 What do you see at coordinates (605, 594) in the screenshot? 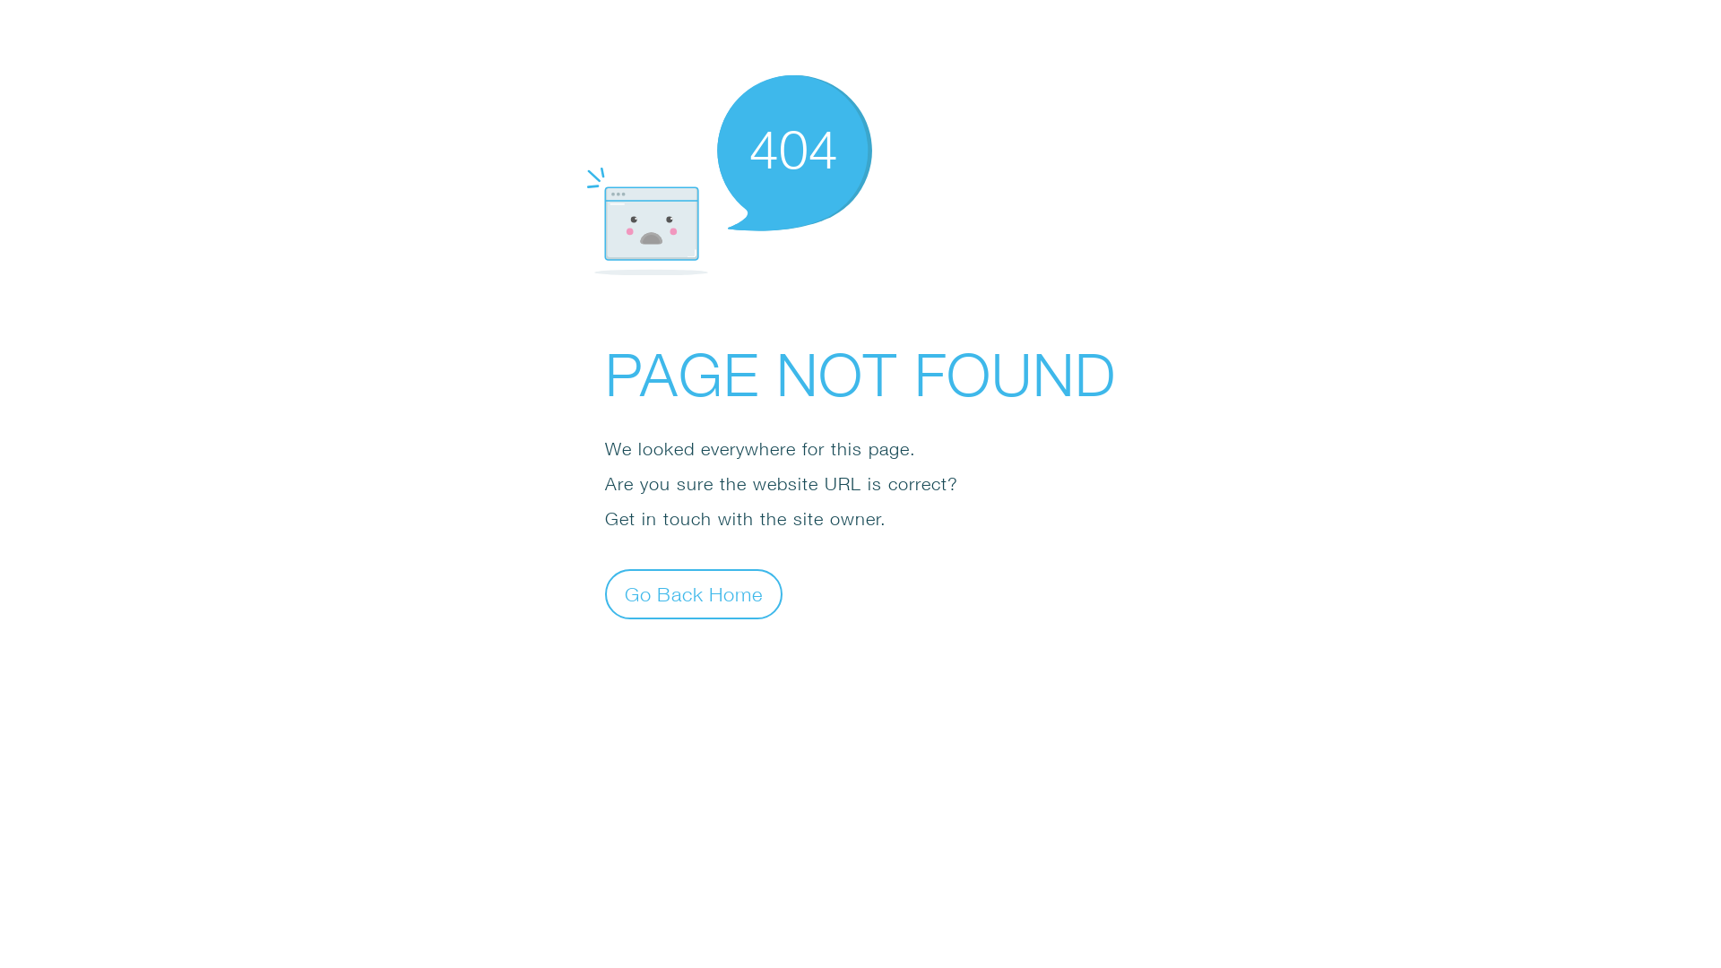
I see `'Go Back Home'` at bounding box center [605, 594].